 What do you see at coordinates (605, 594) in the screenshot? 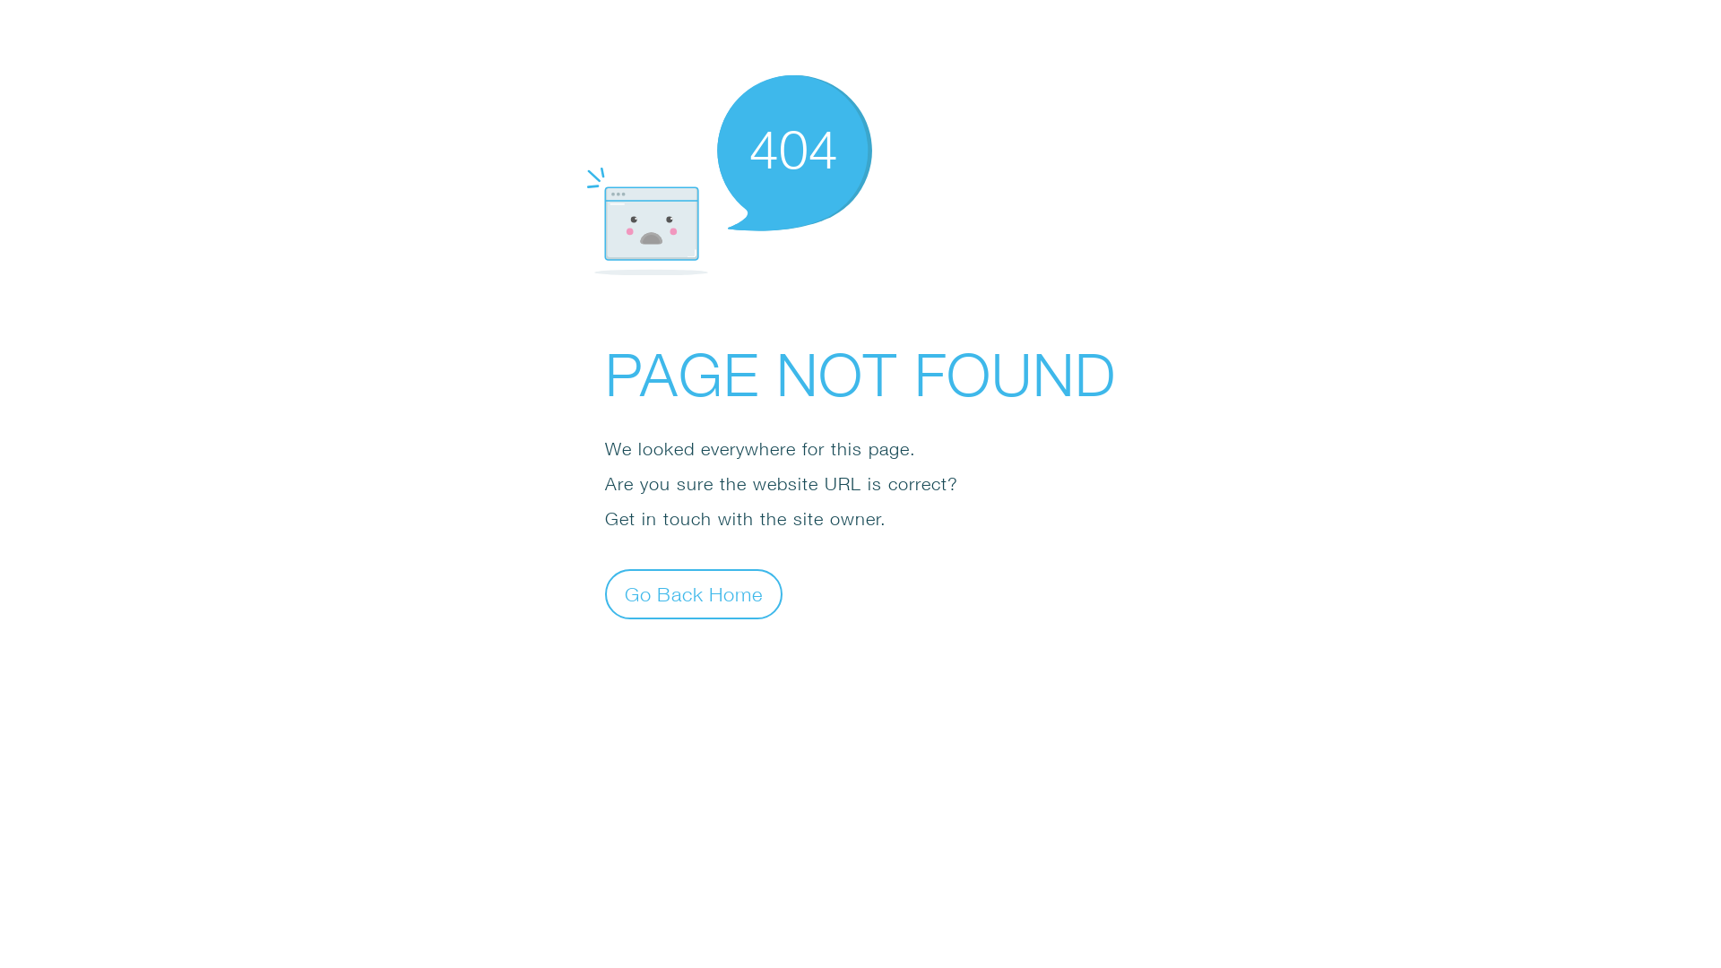
I see `'Go Back Home'` at bounding box center [605, 594].